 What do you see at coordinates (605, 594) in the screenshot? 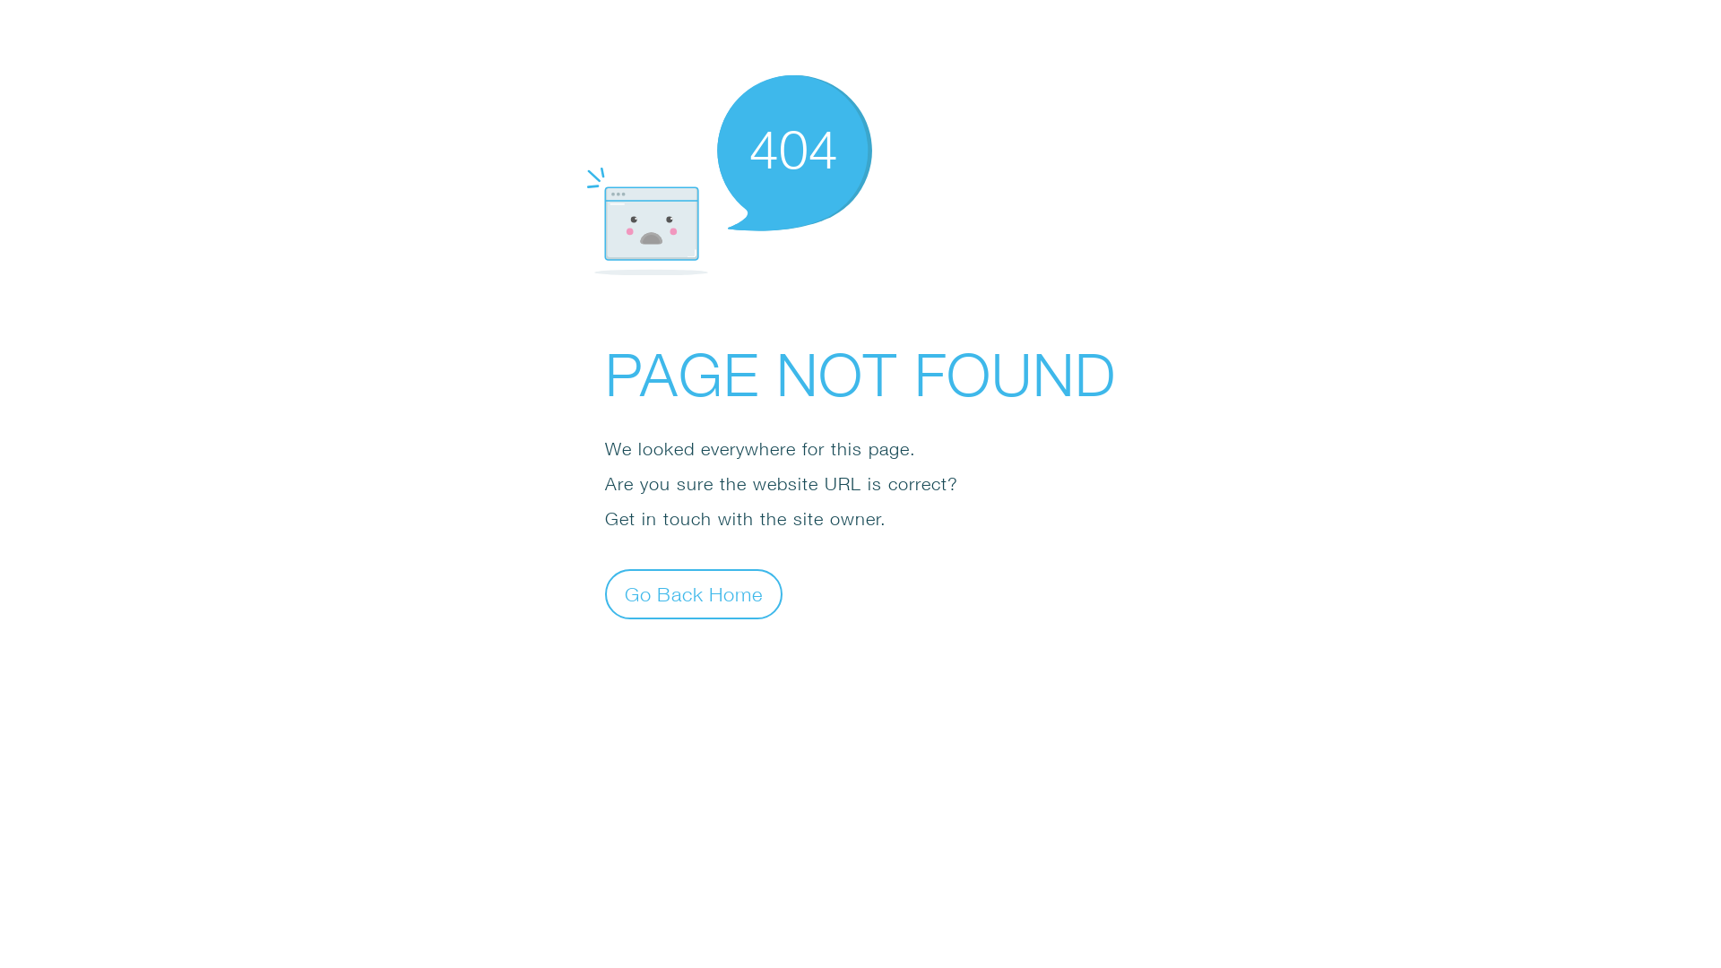
I see `'Go Back Home'` at bounding box center [605, 594].